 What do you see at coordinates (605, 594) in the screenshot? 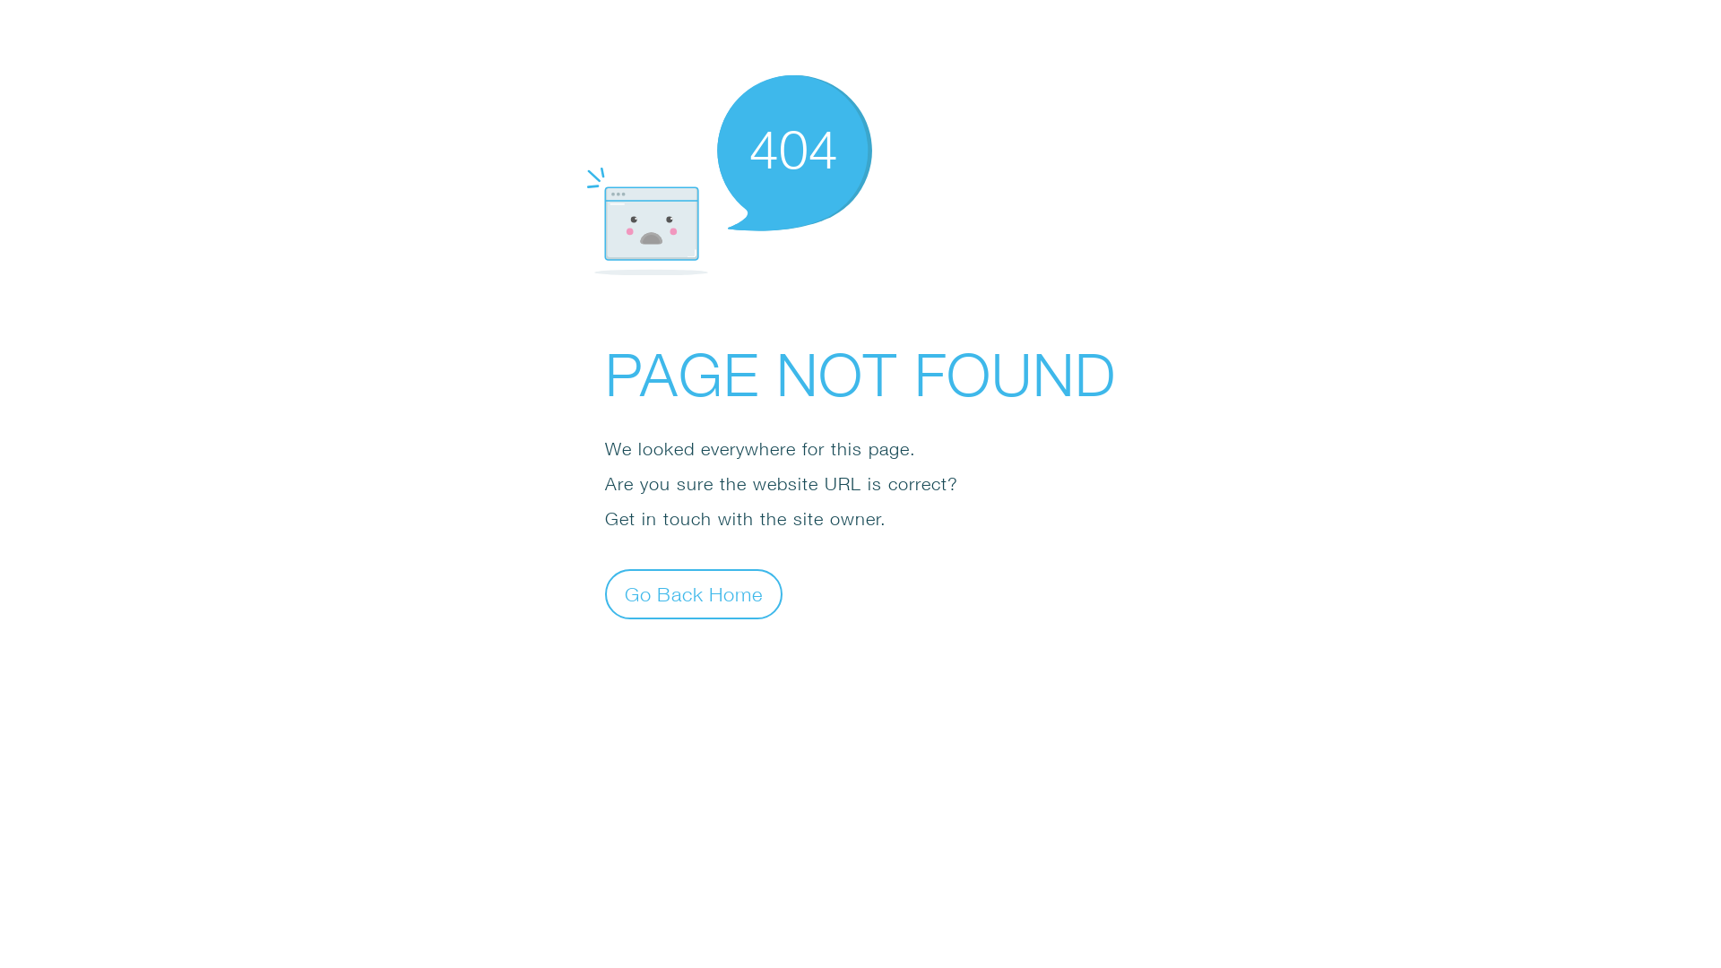
I see `'Go Back Home'` at bounding box center [605, 594].